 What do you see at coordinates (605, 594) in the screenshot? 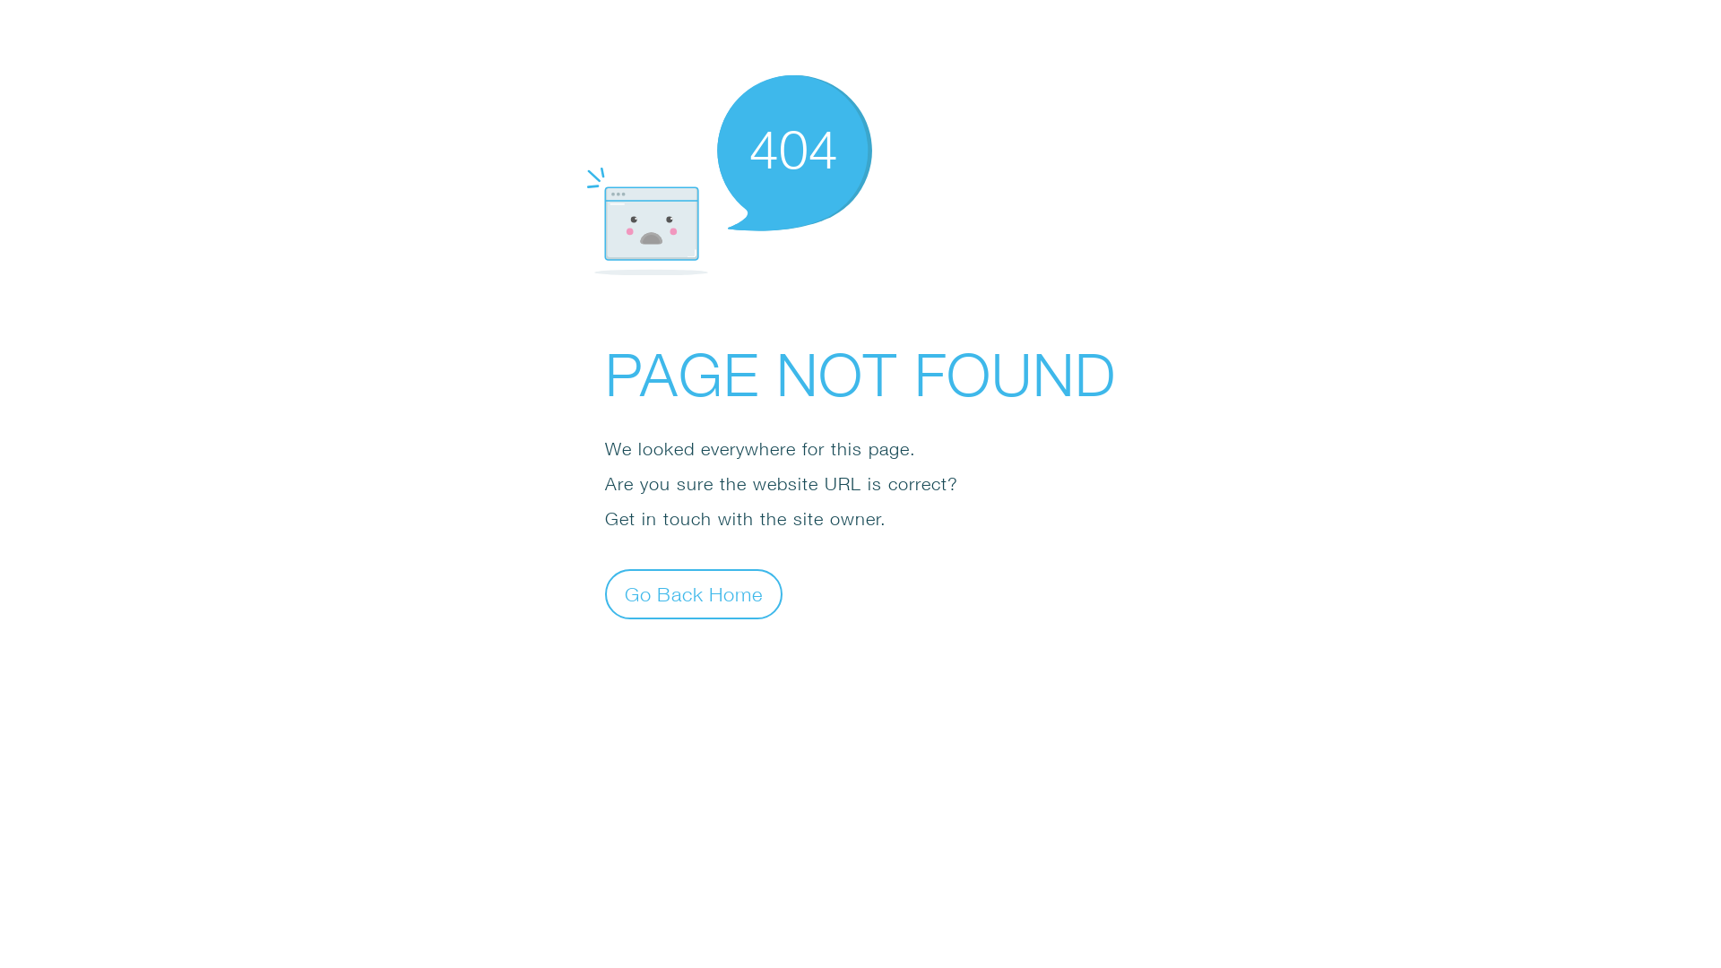
I see `'Go Back Home'` at bounding box center [605, 594].